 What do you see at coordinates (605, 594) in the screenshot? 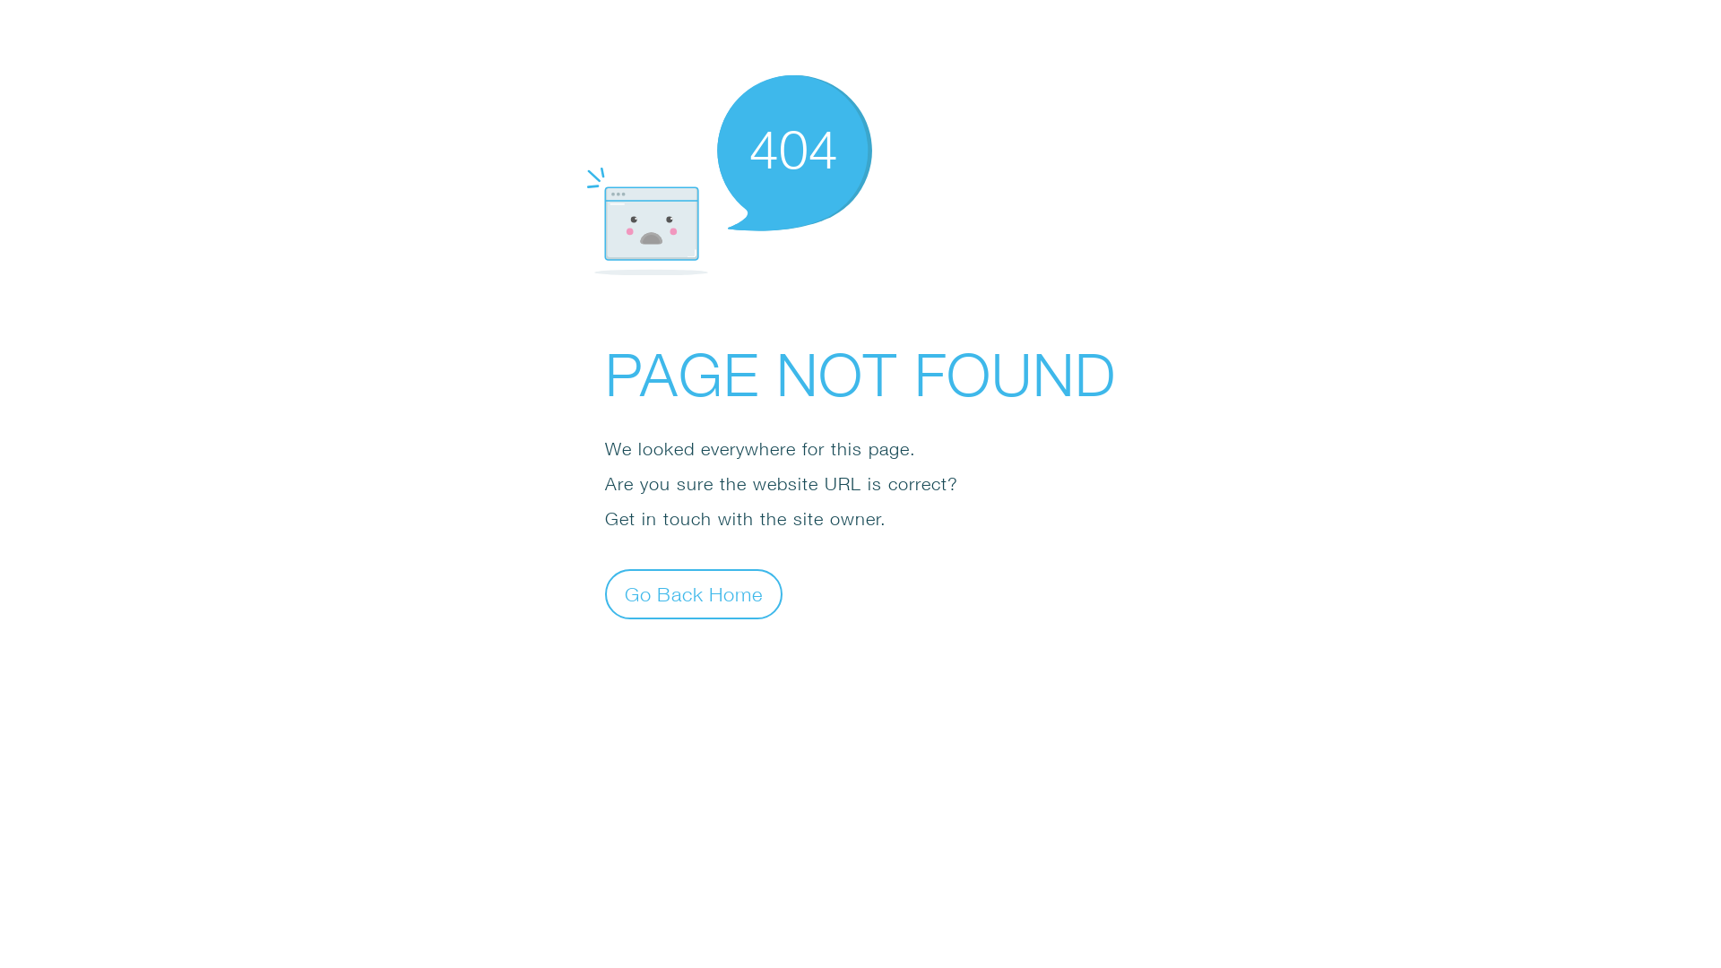
I see `'Go Back Home'` at bounding box center [605, 594].